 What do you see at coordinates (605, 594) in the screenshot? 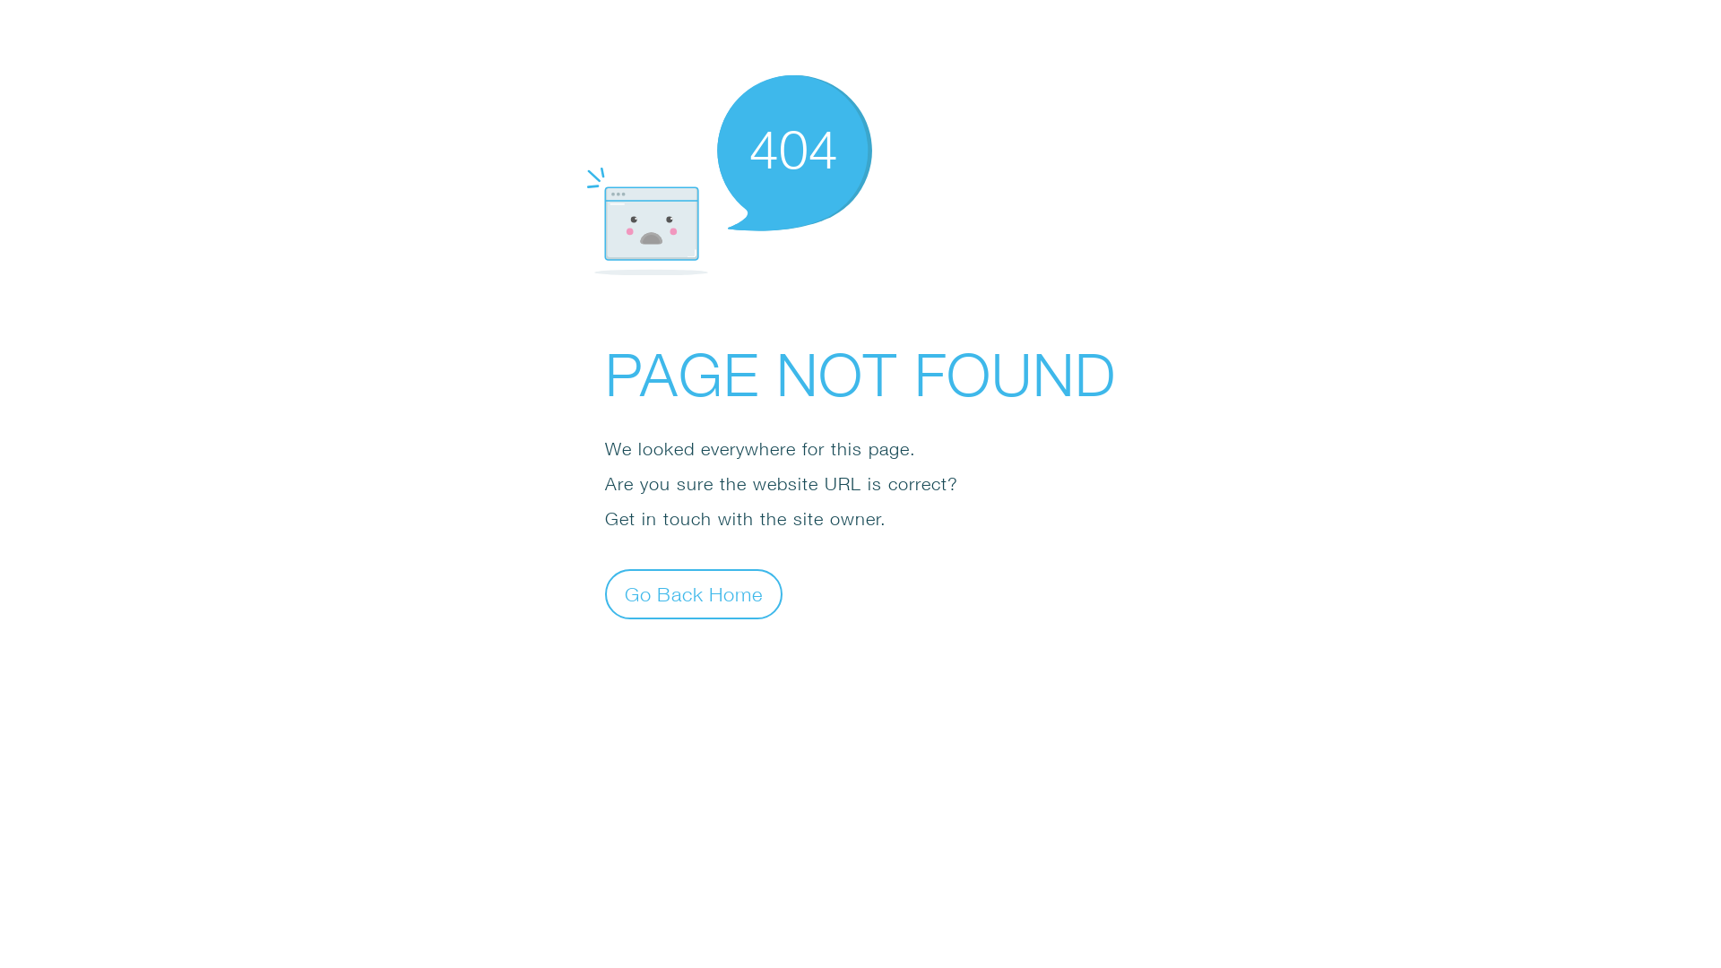
I see `'Go Back Home'` at bounding box center [605, 594].